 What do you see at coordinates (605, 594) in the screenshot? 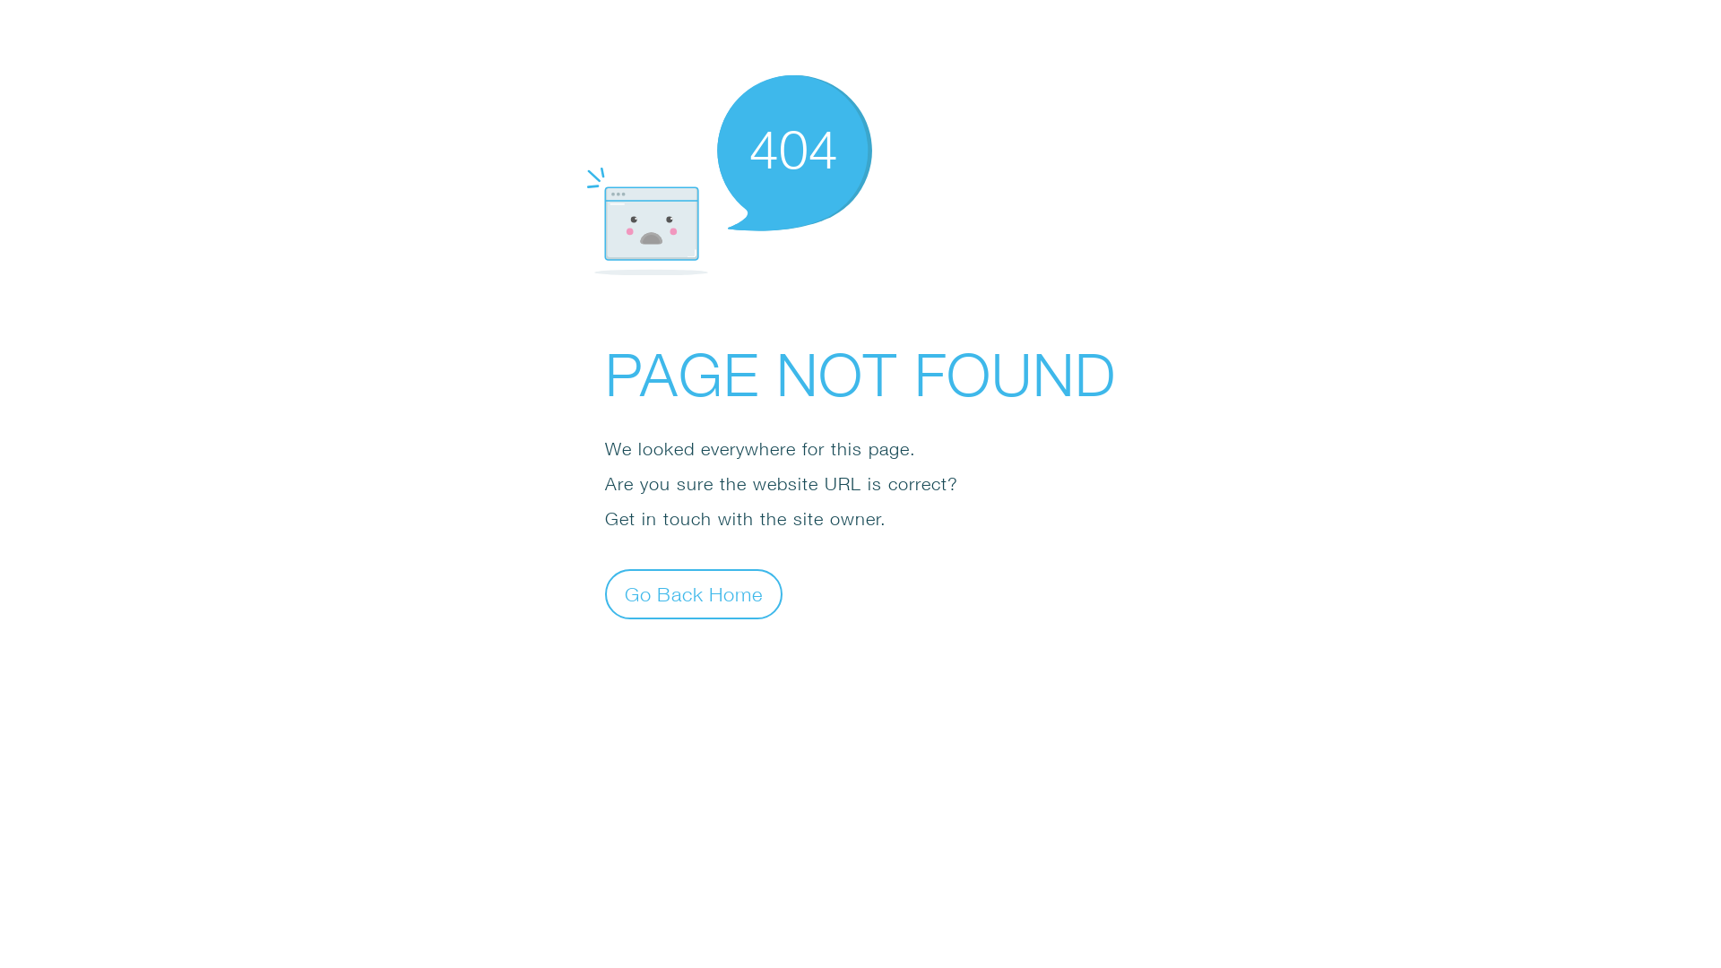
I see `'Go Back Home'` at bounding box center [605, 594].